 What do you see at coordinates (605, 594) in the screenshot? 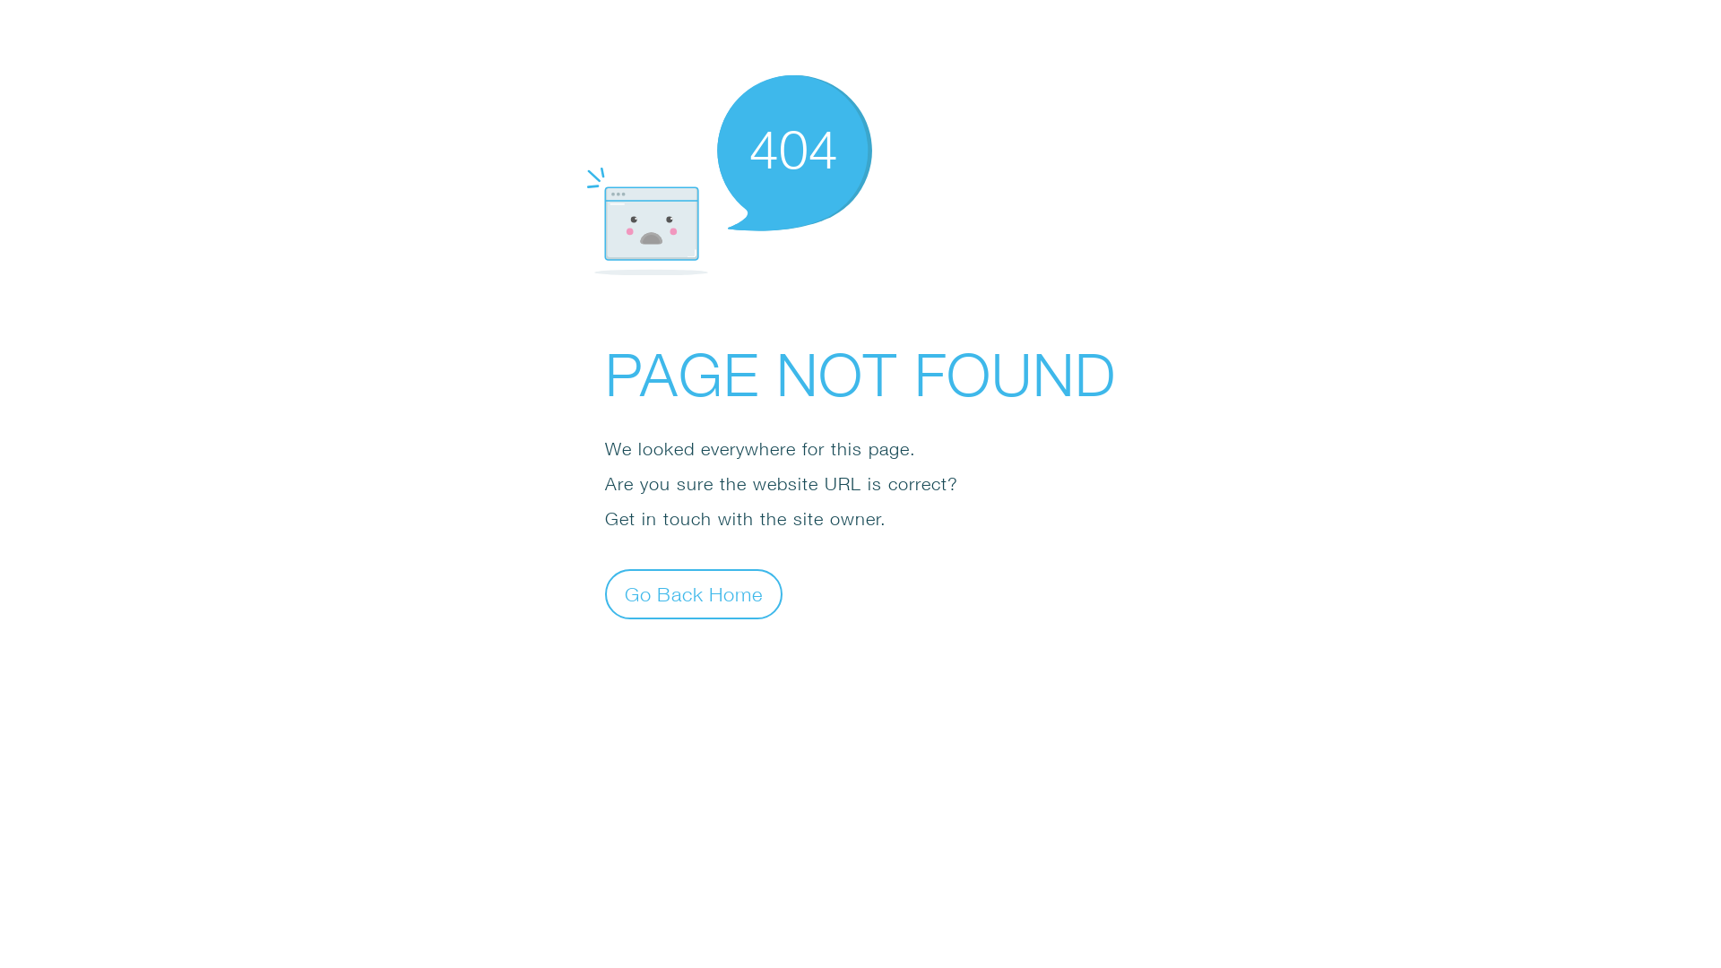
I see `'Go Back Home'` at bounding box center [605, 594].